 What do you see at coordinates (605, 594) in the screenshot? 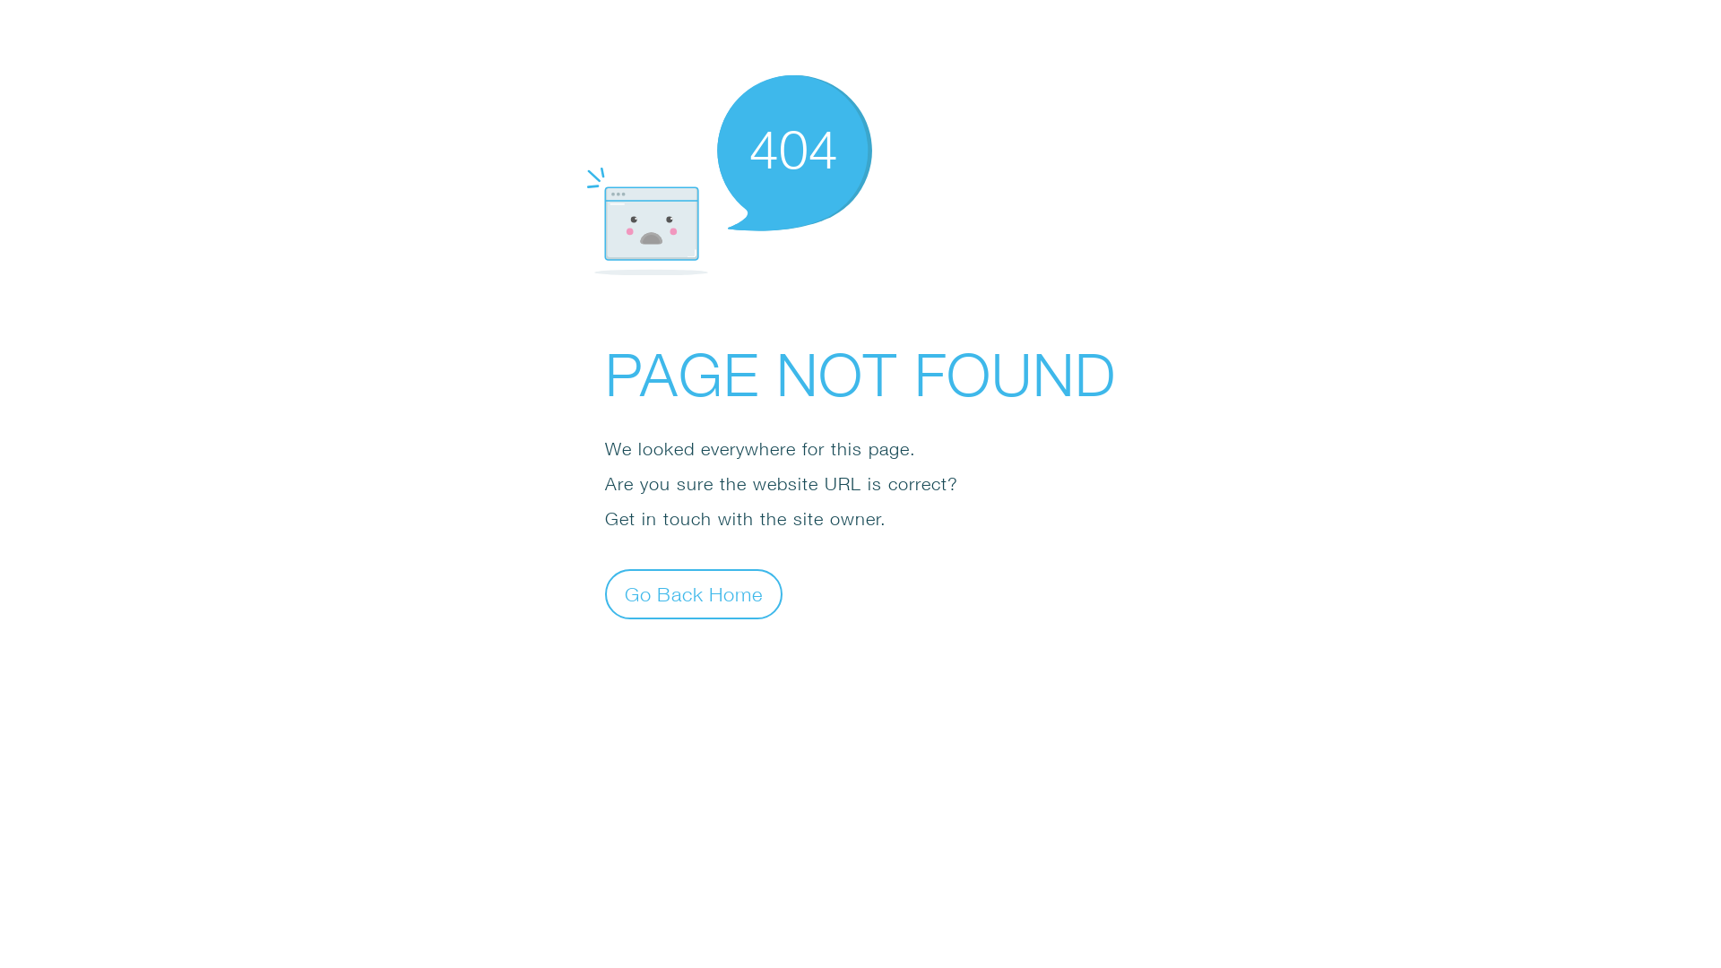
I see `'Go Back Home'` at bounding box center [605, 594].